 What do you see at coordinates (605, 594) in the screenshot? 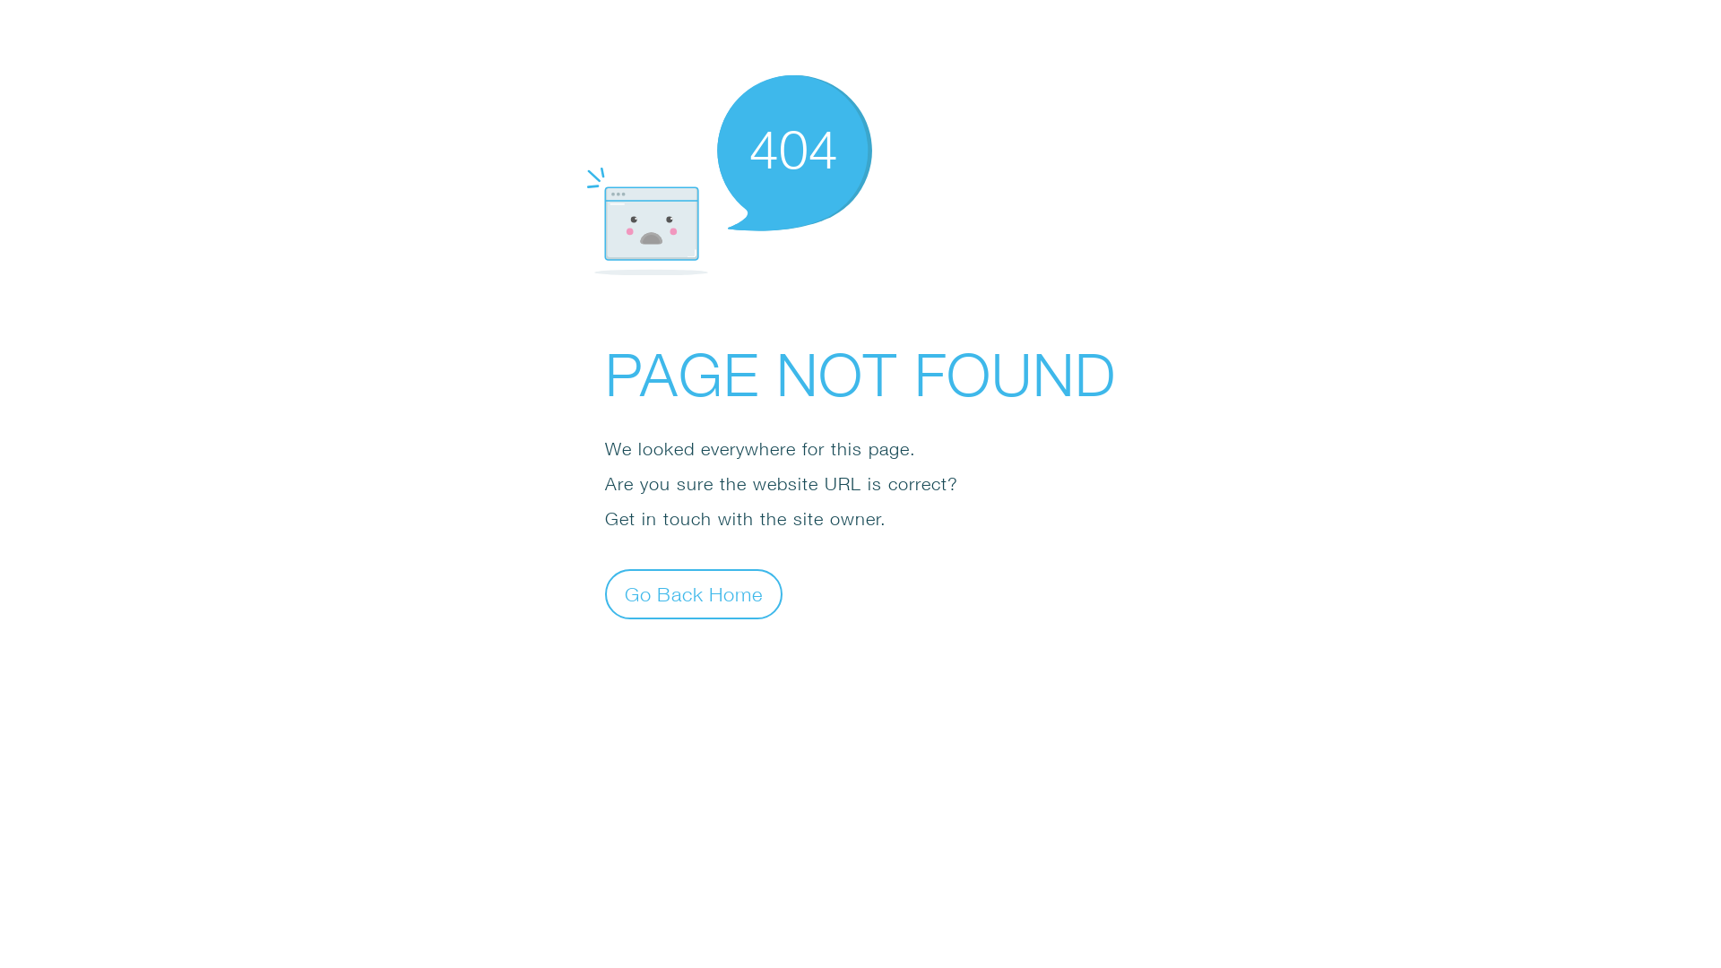
I see `'Go Back Home'` at bounding box center [605, 594].